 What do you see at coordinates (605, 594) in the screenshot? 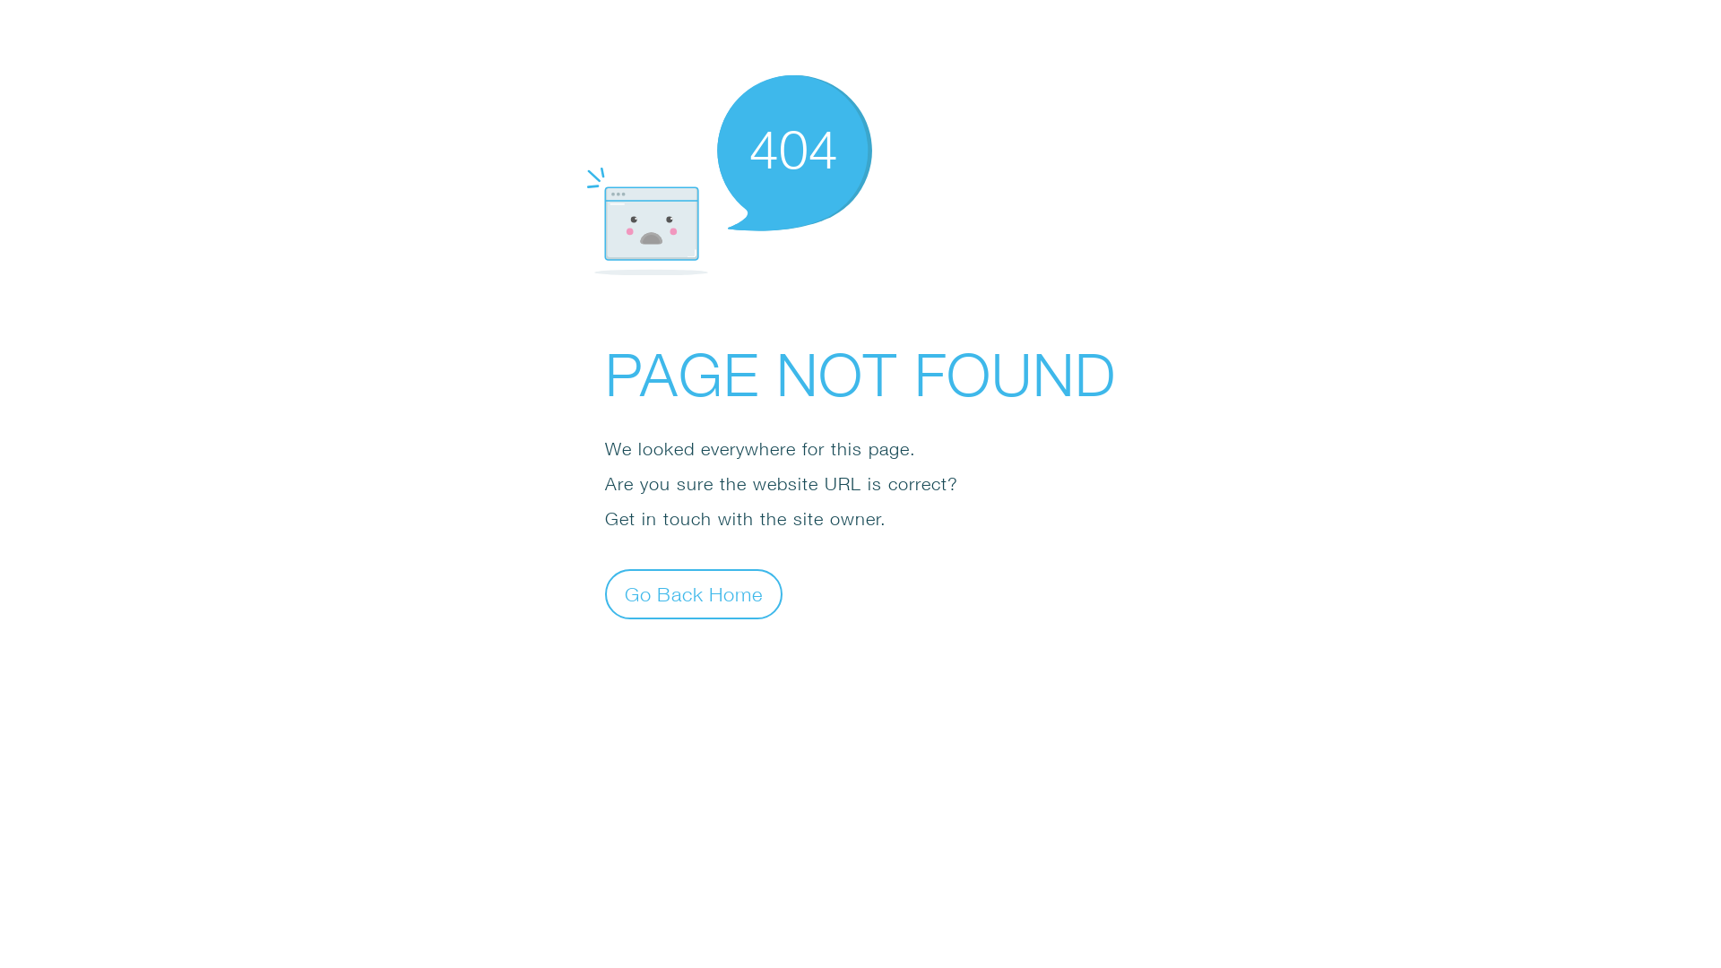
I see `'Go Back Home'` at bounding box center [605, 594].